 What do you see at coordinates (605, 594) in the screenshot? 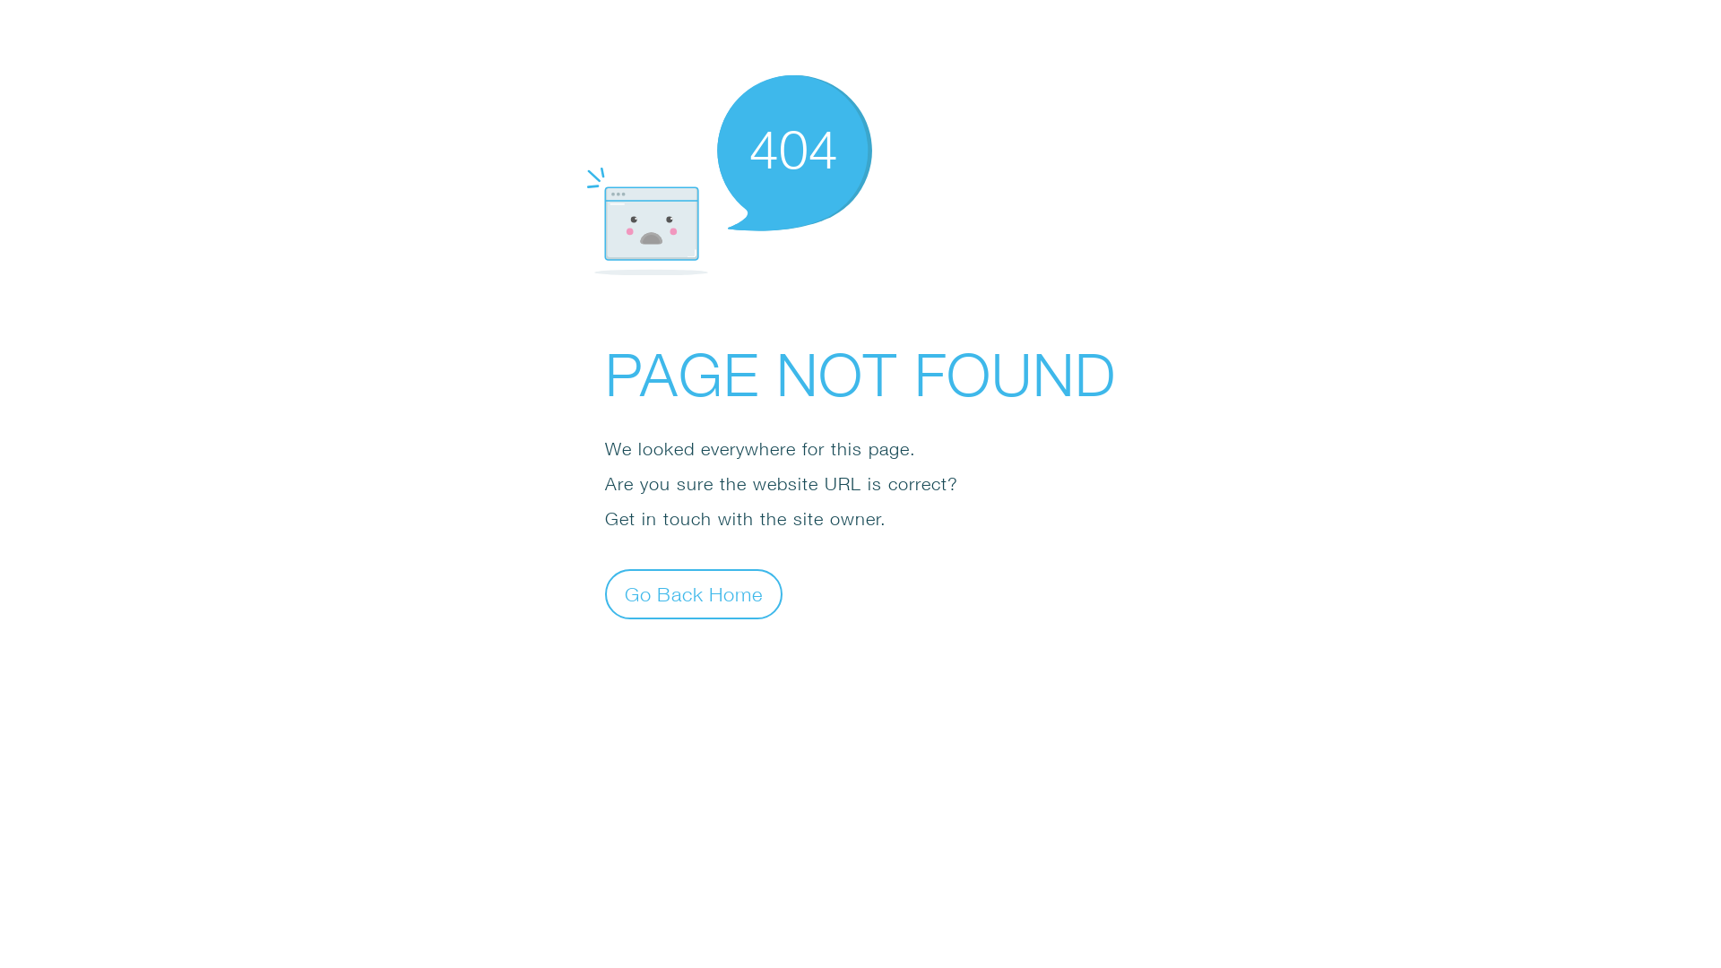
I see `'Go Back Home'` at bounding box center [605, 594].